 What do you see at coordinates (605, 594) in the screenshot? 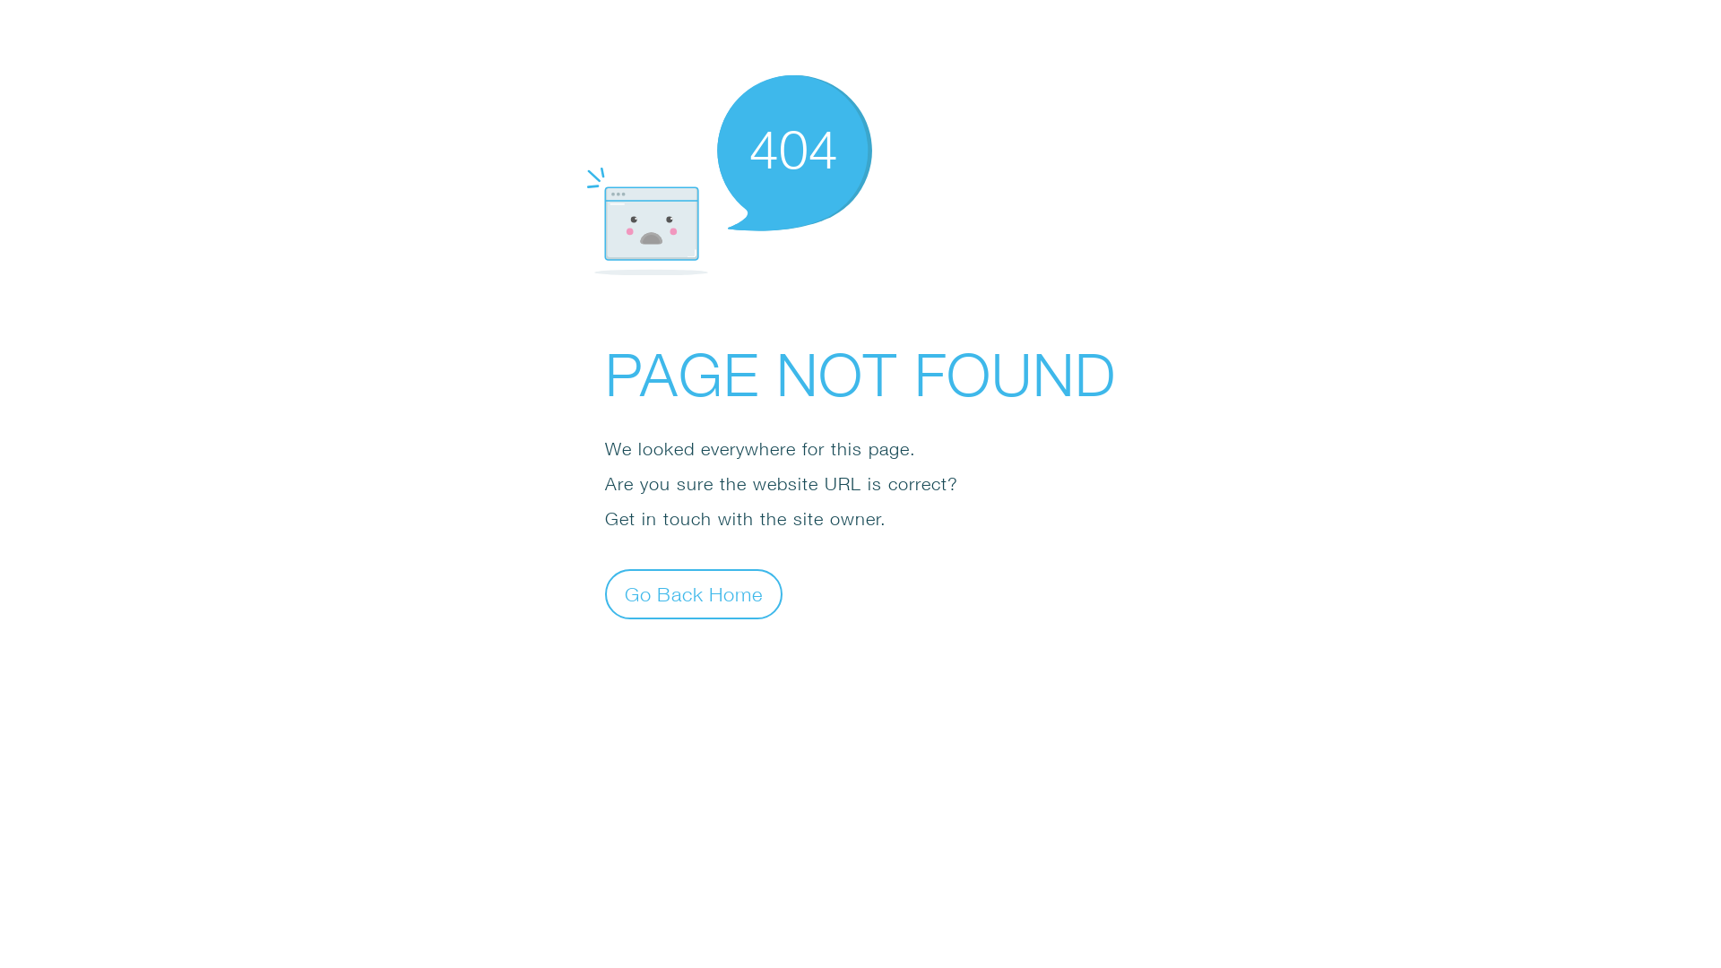
I see `'Go Back Home'` at bounding box center [605, 594].